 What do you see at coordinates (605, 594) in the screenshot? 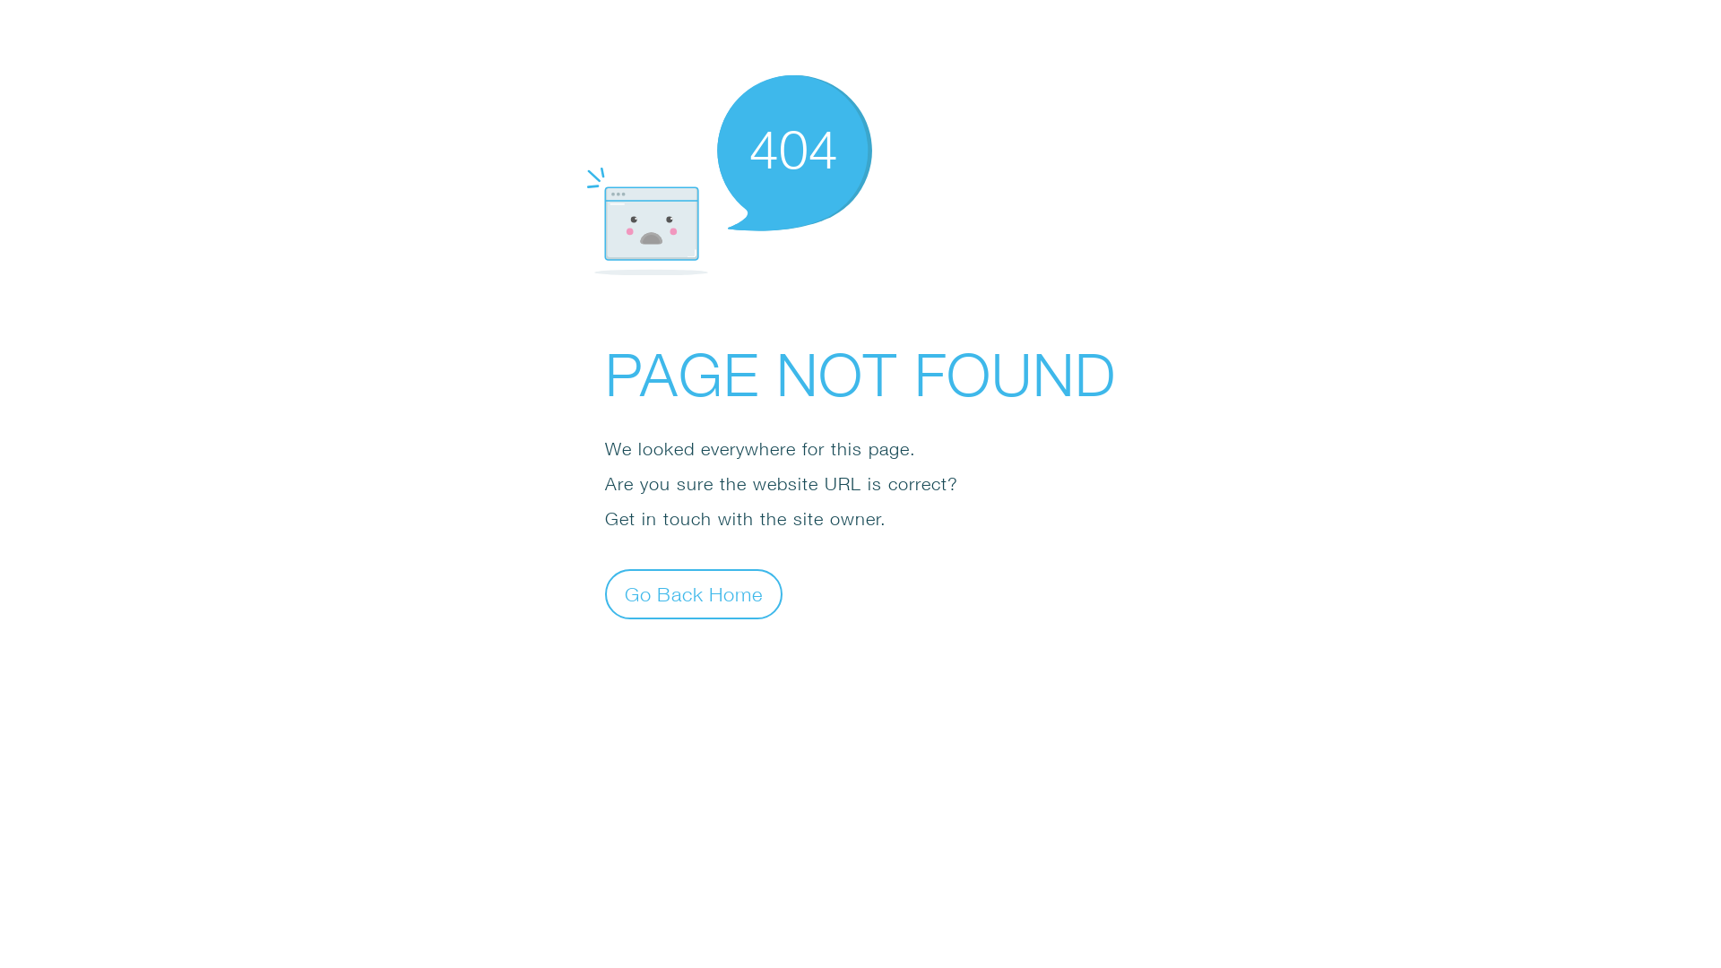
I see `'Go Back Home'` at bounding box center [605, 594].